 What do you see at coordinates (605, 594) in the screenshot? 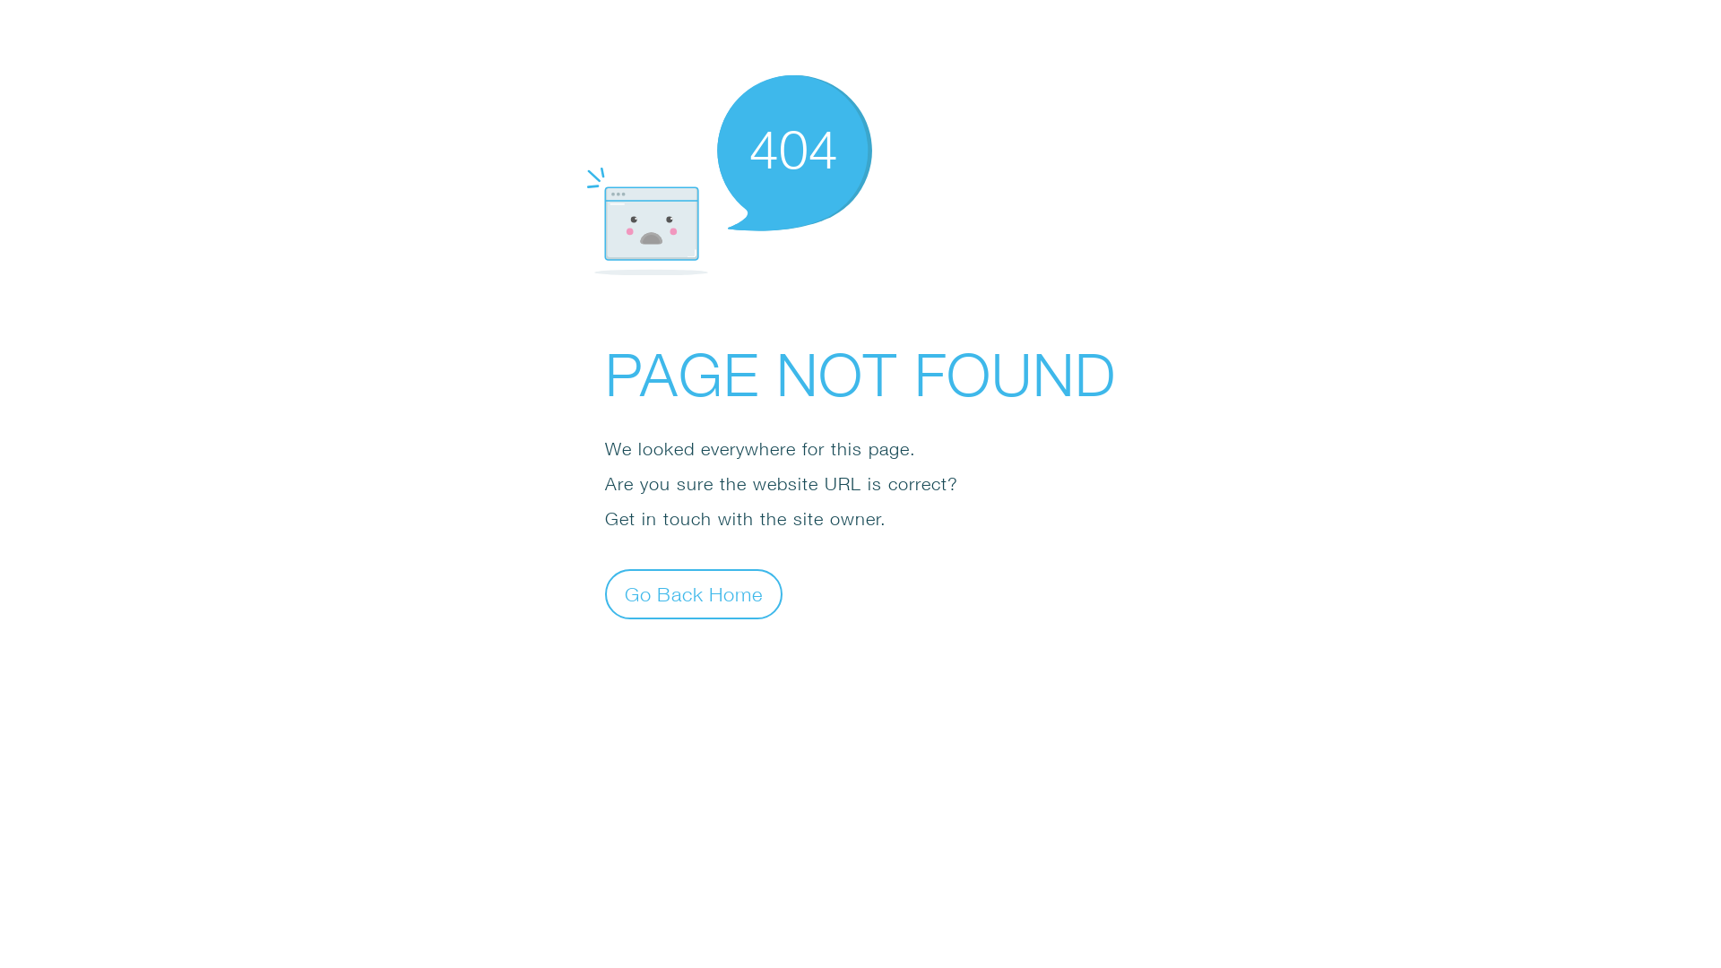
I see `'Go Back Home'` at bounding box center [605, 594].